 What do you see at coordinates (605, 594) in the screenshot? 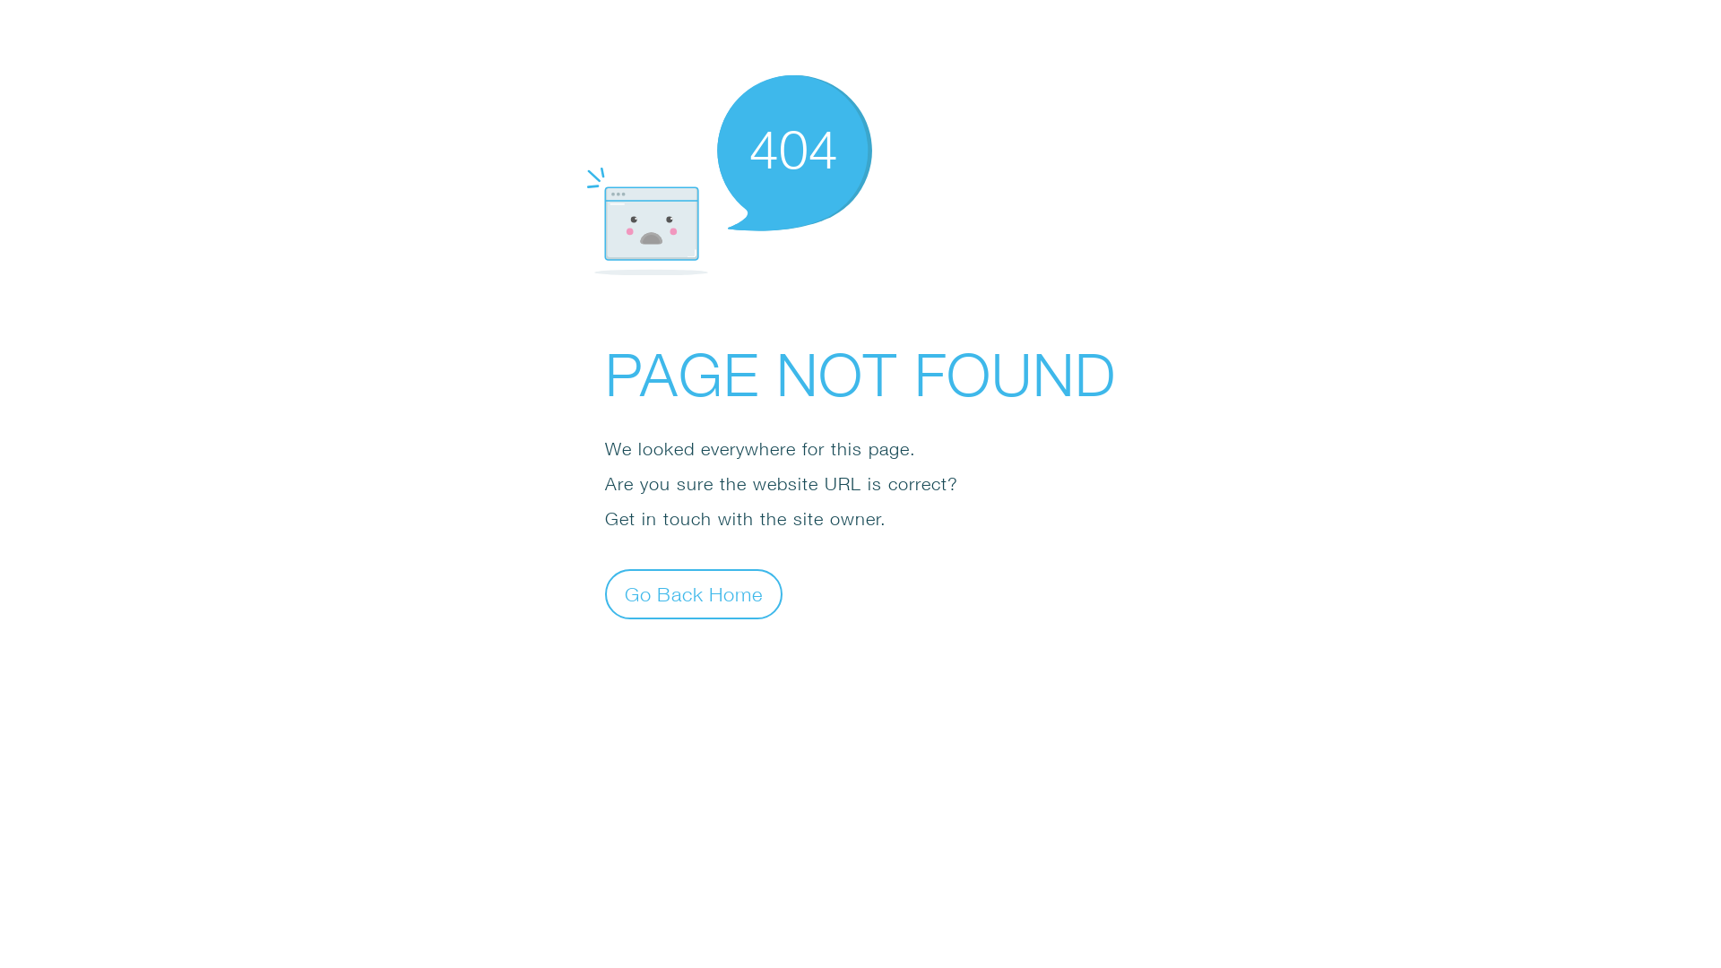
I see `'Go Back Home'` at bounding box center [605, 594].